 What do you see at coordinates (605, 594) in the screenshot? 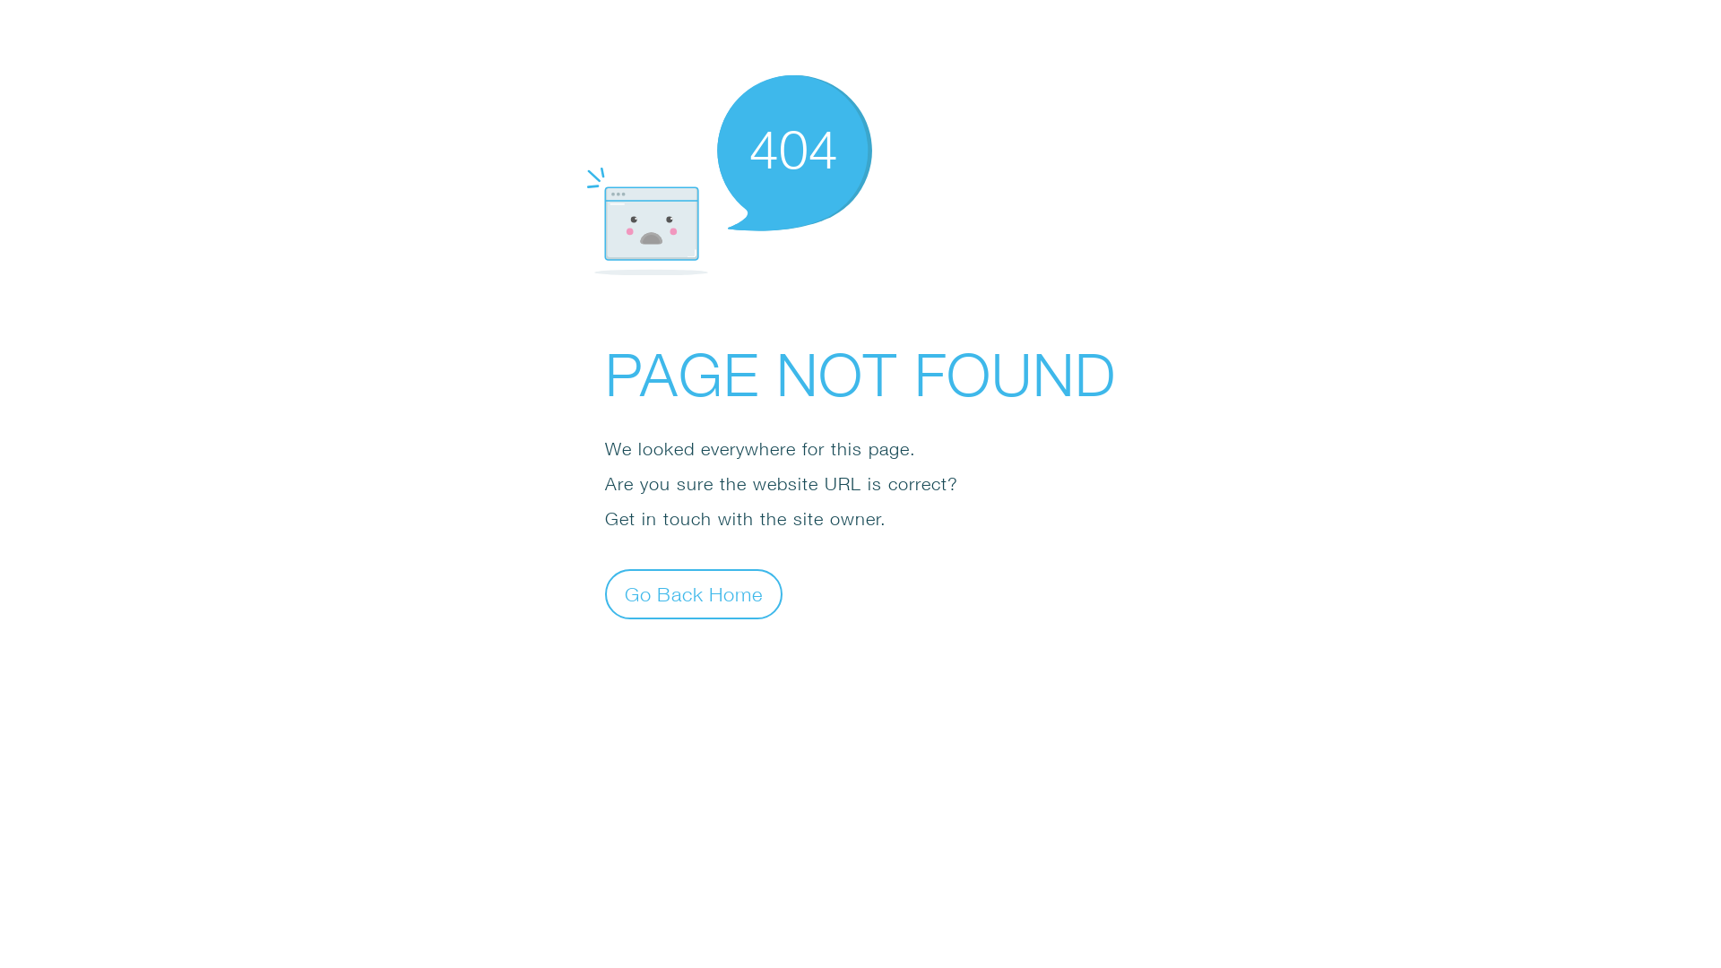
I see `'Go Back Home'` at bounding box center [605, 594].